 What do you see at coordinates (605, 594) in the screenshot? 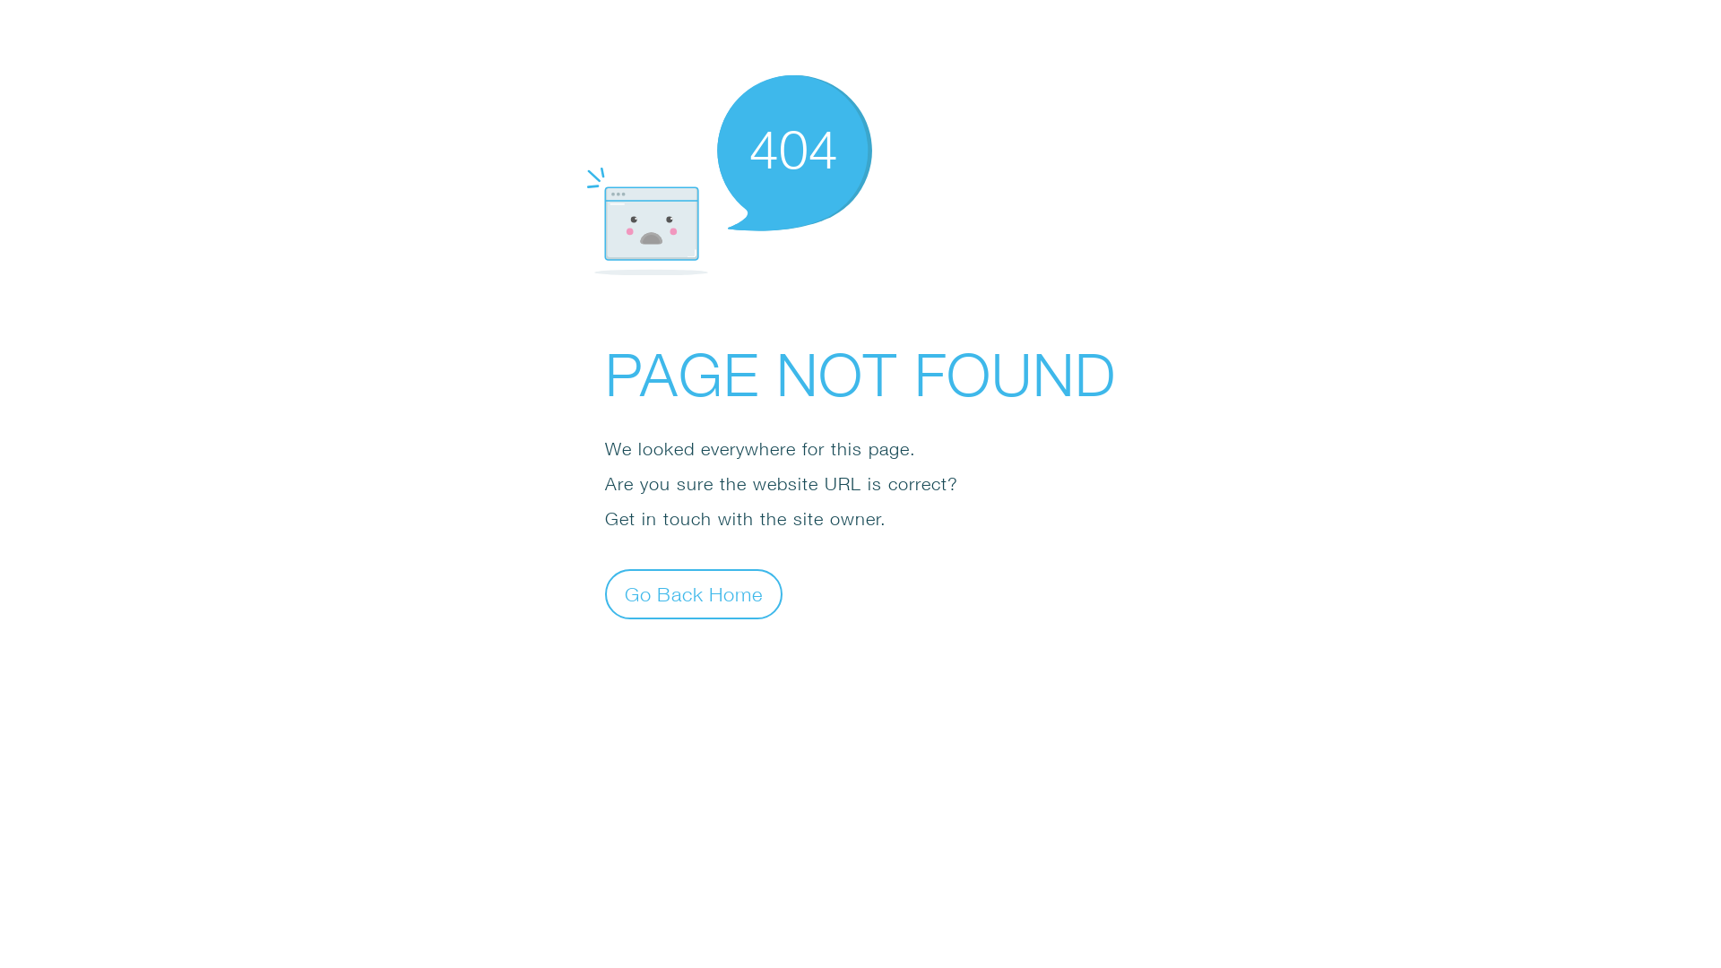
I see `'Go Back Home'` at bounding box center [605, 594].